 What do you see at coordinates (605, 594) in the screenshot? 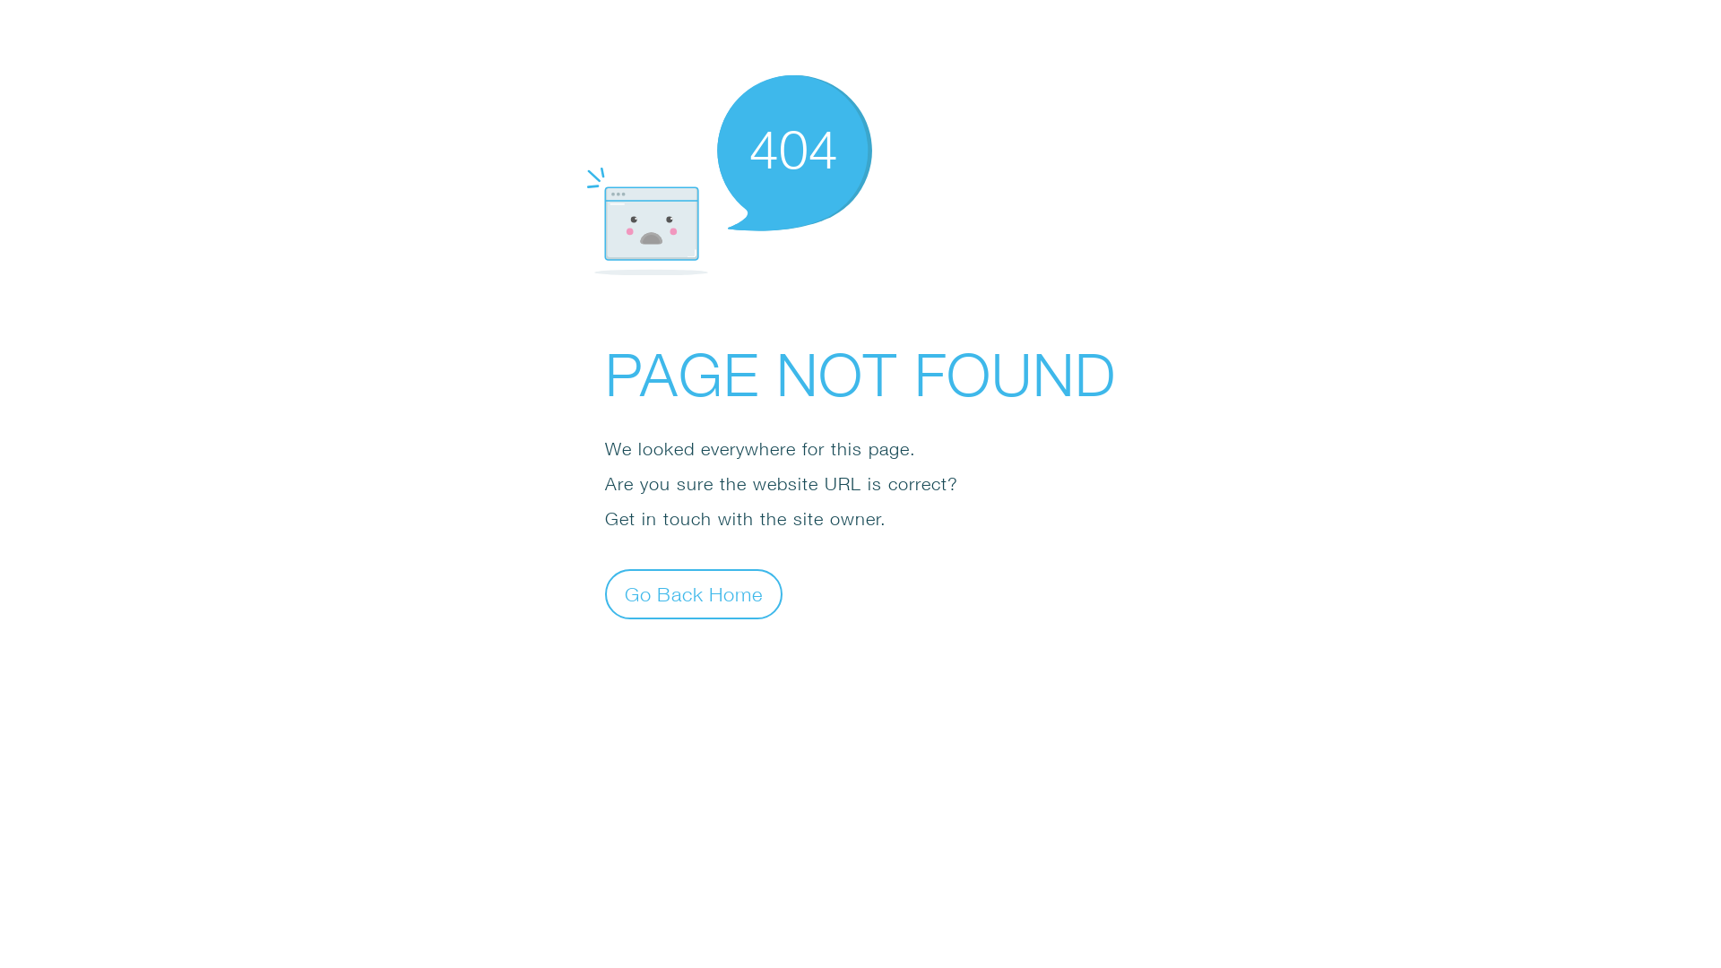
I see `'Go Back Home'` at bounding box center [605, 594].